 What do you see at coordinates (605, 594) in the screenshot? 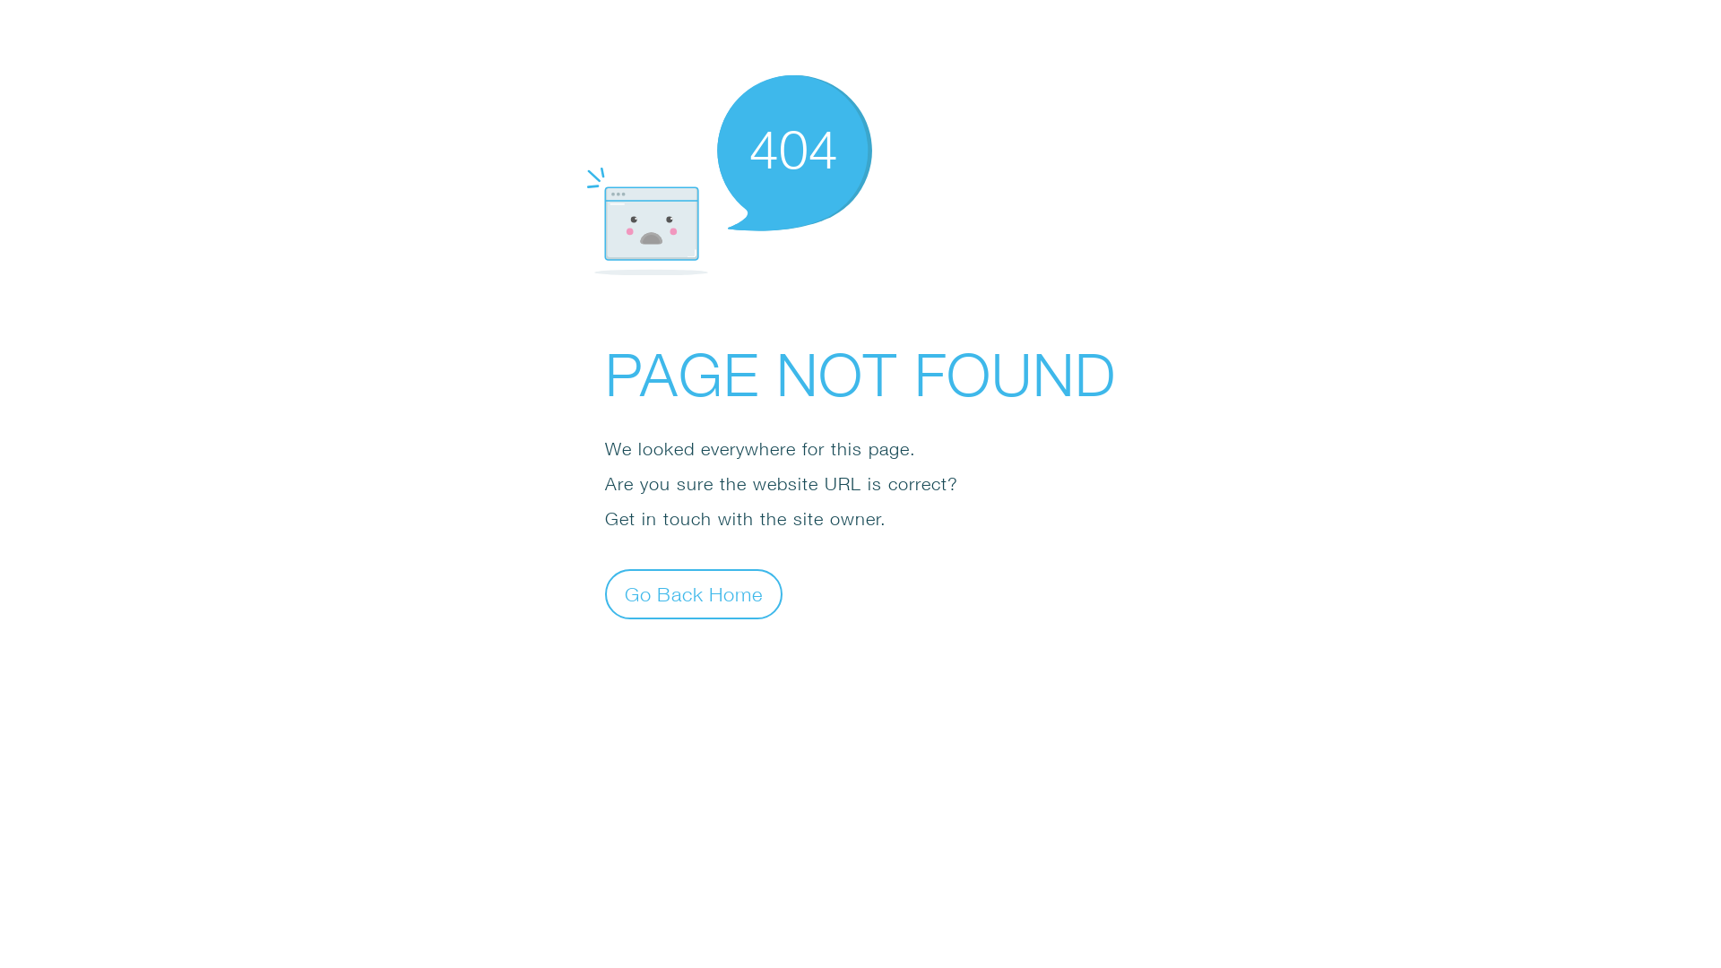
I see `'Go Back Home'` at bounding box center [605, 594].